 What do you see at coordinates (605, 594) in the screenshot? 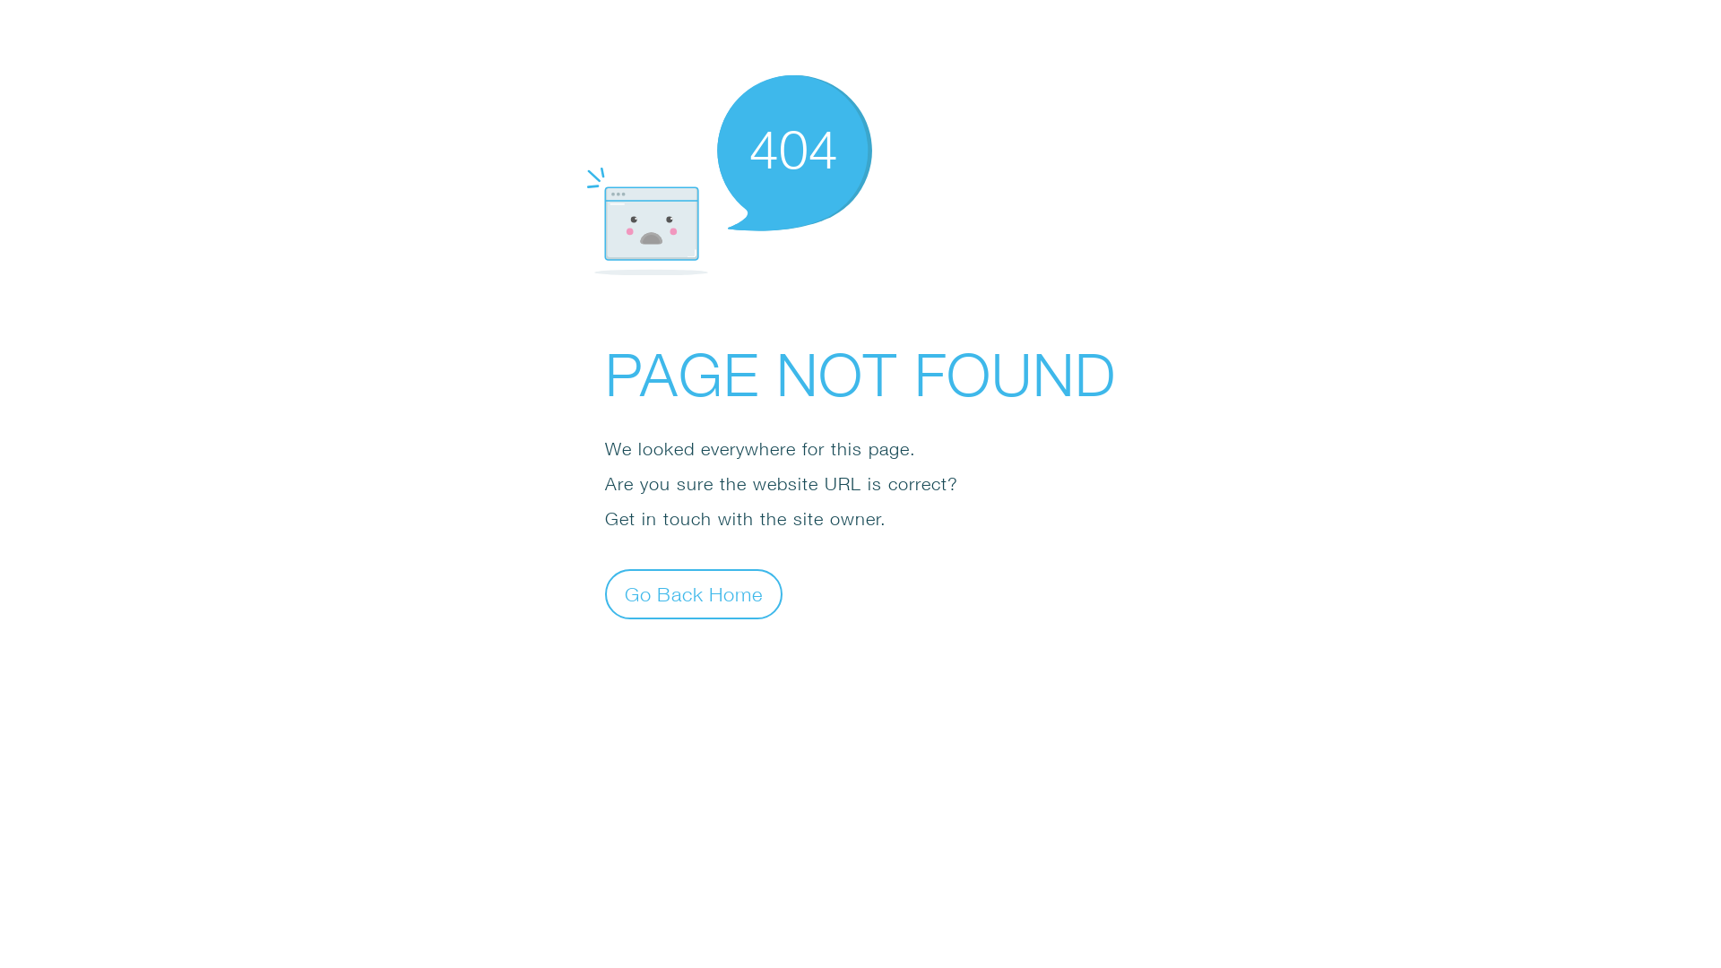
I see `'Go Back Home'` at bounding box center [605, 594].